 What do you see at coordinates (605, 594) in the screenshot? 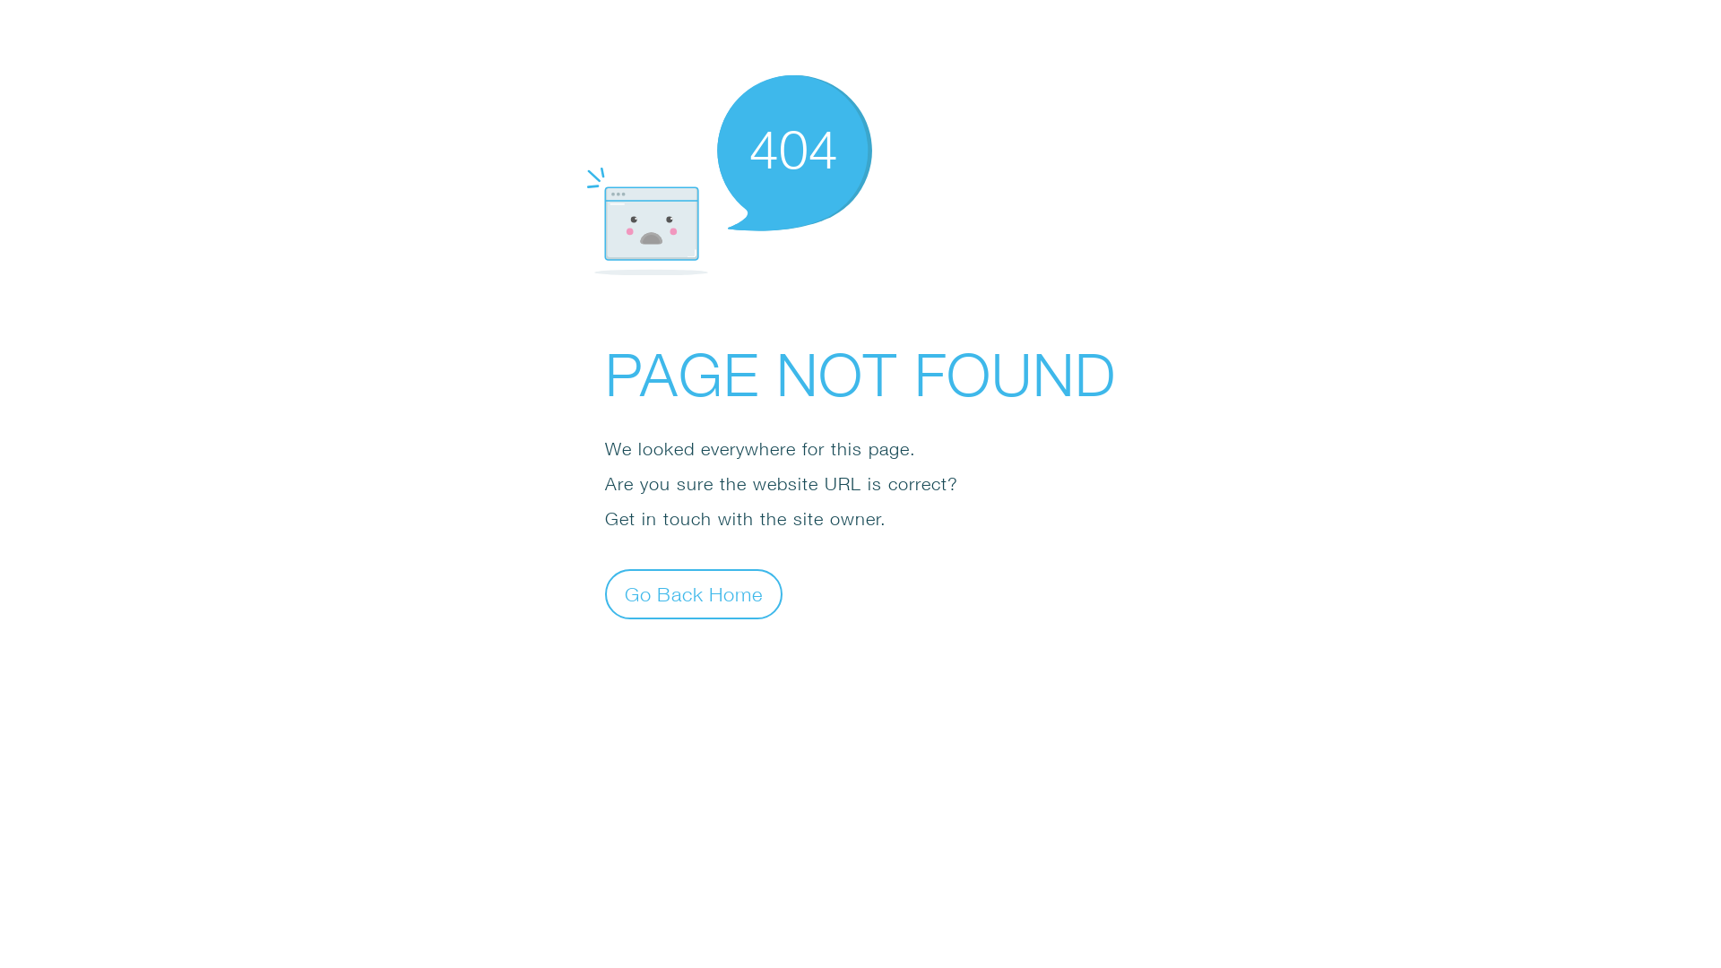
I see `'Go Back Home'` at bounding box center [605, 594].